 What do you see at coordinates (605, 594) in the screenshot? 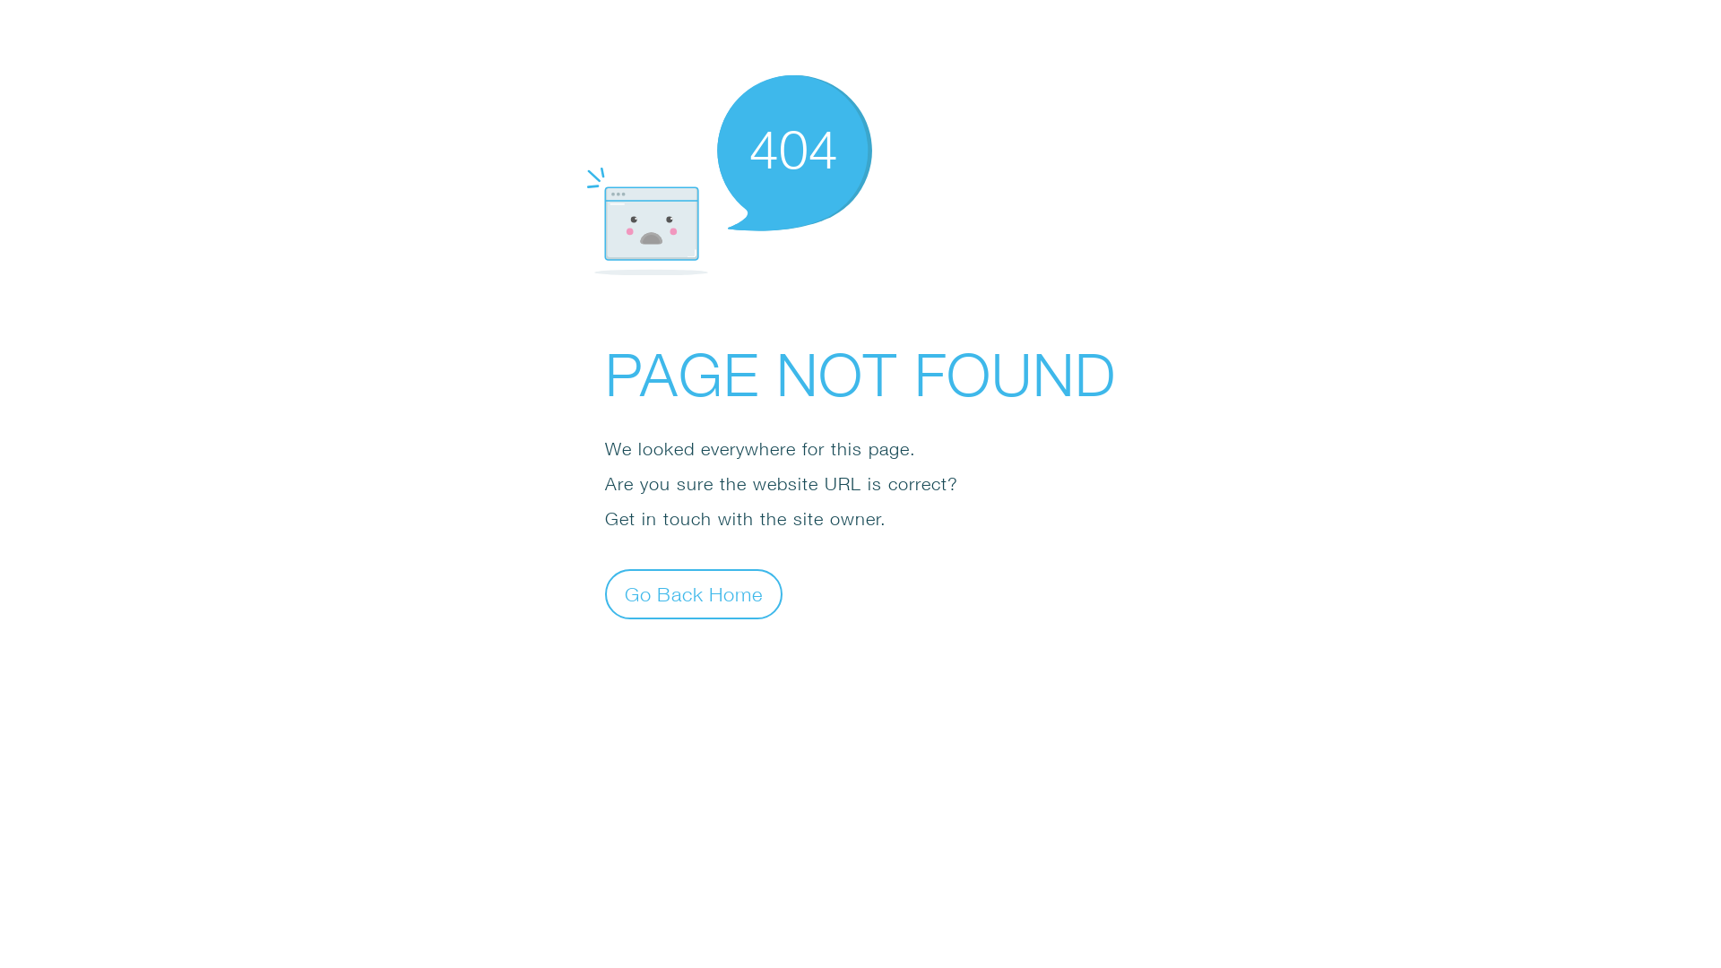
I see `'Go Back Home'` at bounding box center [605, 594].